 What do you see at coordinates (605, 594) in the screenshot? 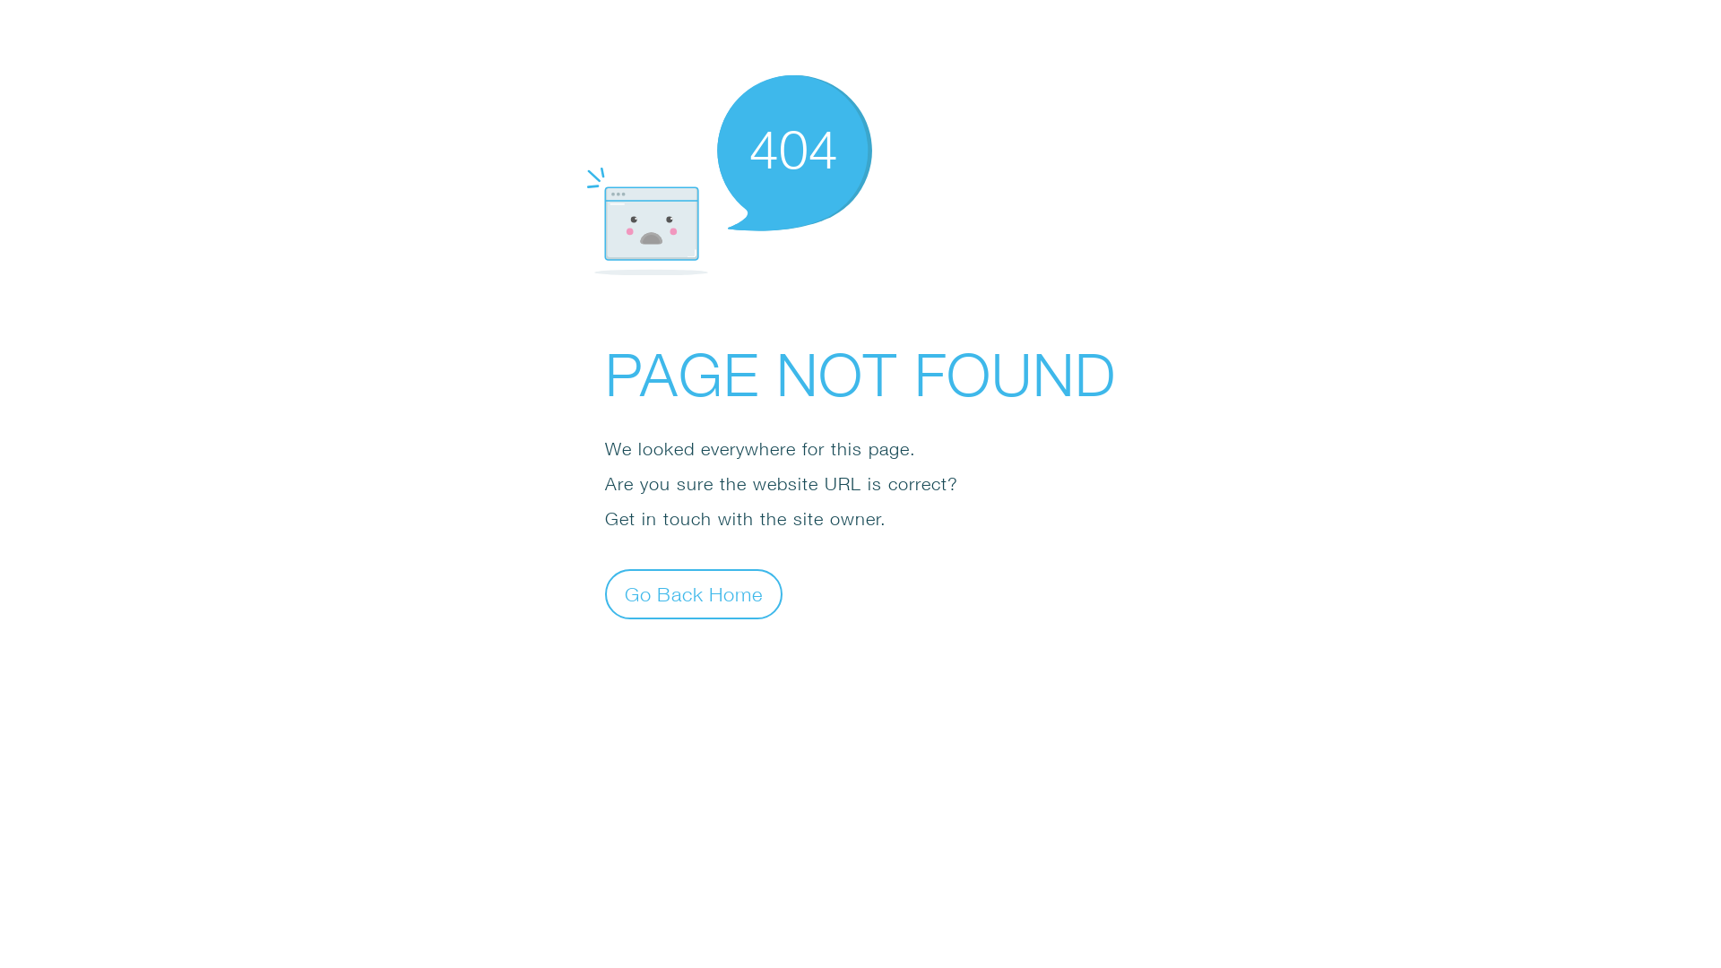
I see `'Go Back Home'` at bounding box center [605, 594].